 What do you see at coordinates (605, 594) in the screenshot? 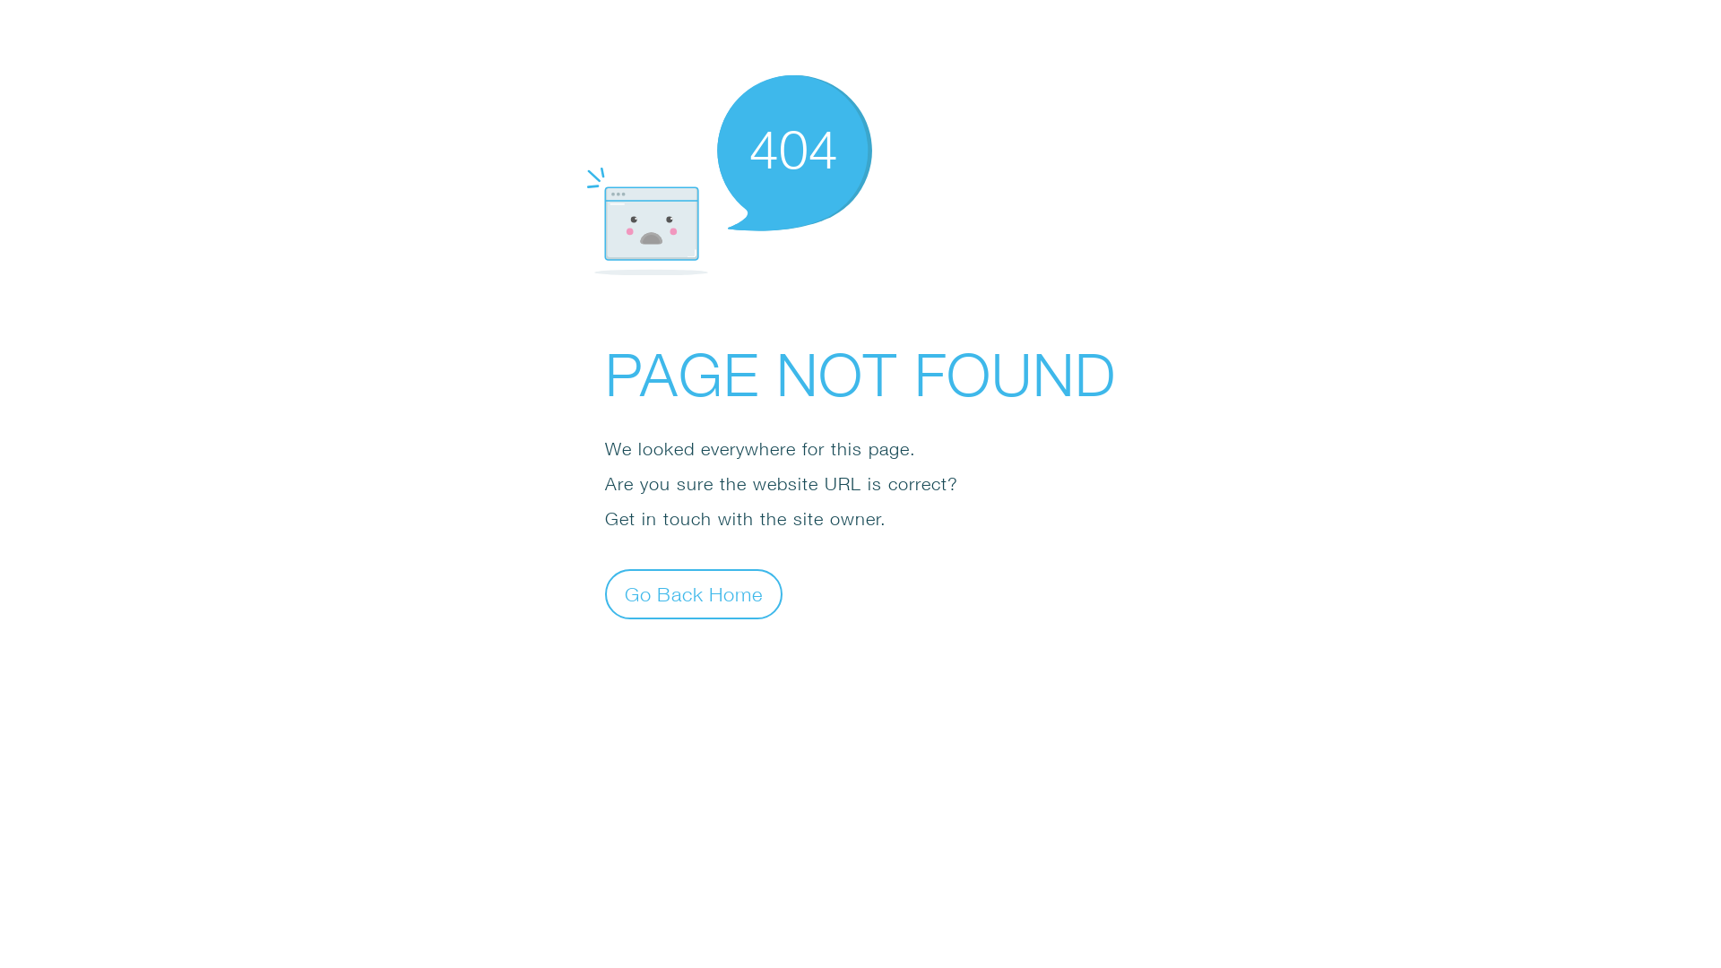
I see `'Go Back Home'` at bounding box center [605, 594].